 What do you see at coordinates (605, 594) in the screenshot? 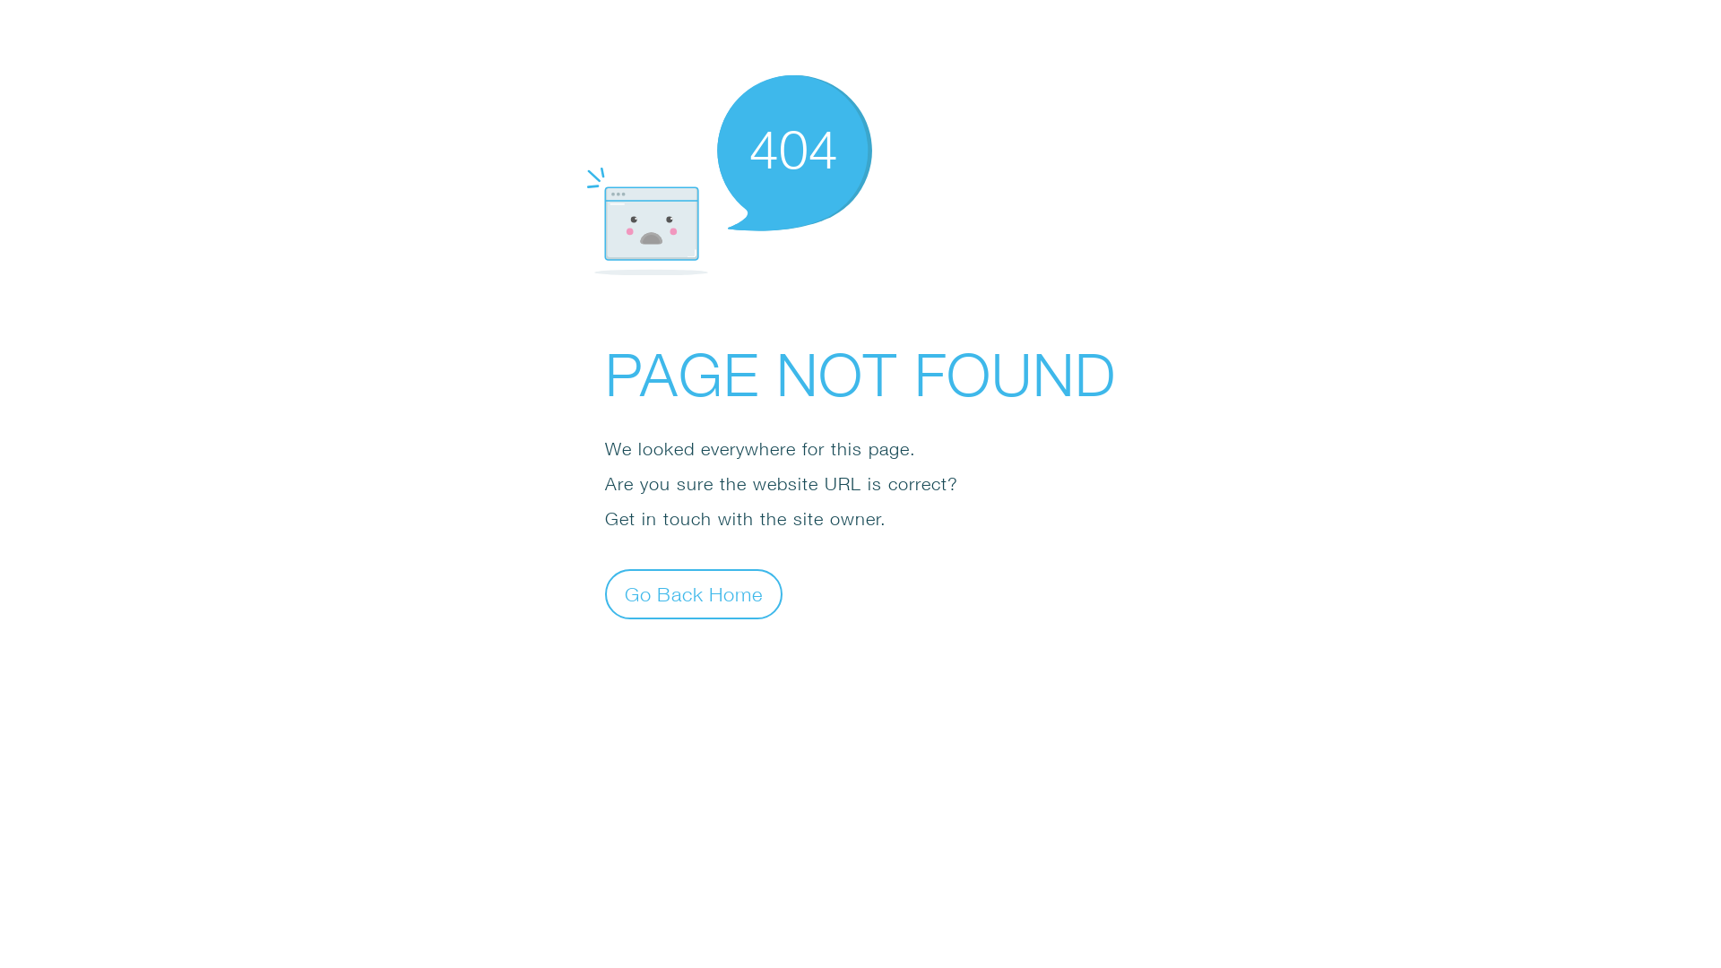
I see `'Go Back Home'` at bounding box center [605, 594].